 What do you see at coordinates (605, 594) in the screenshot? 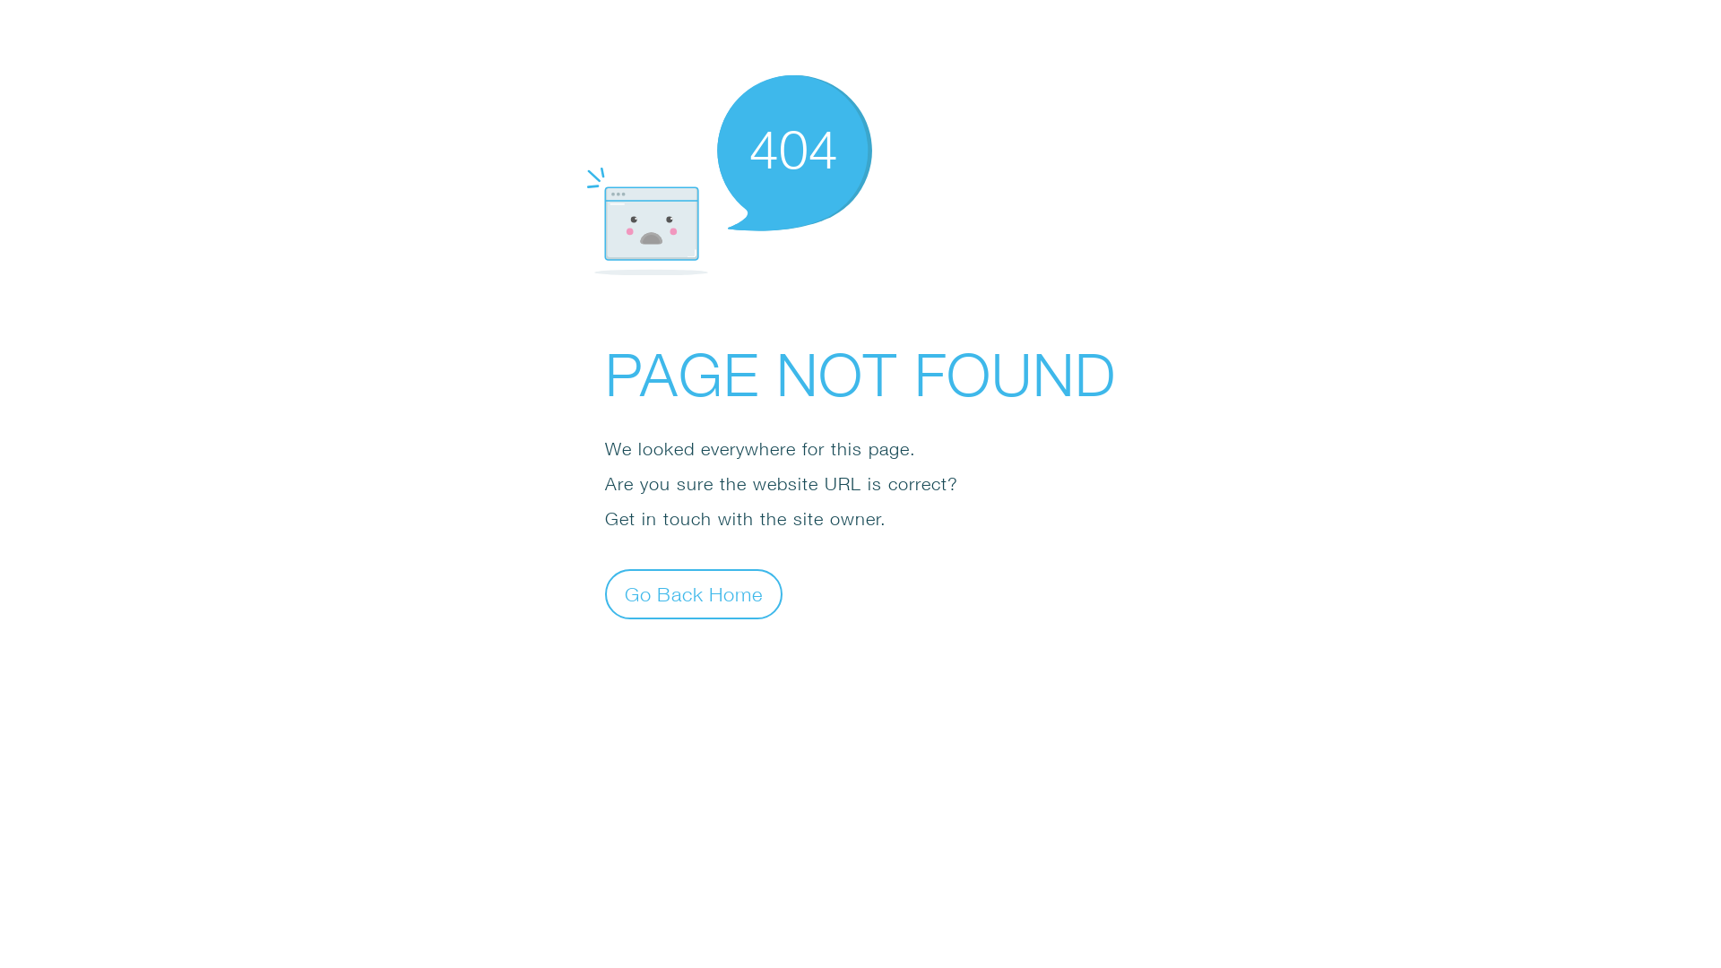
I see `'Go Back Home'` at bounding box center [605, 594].